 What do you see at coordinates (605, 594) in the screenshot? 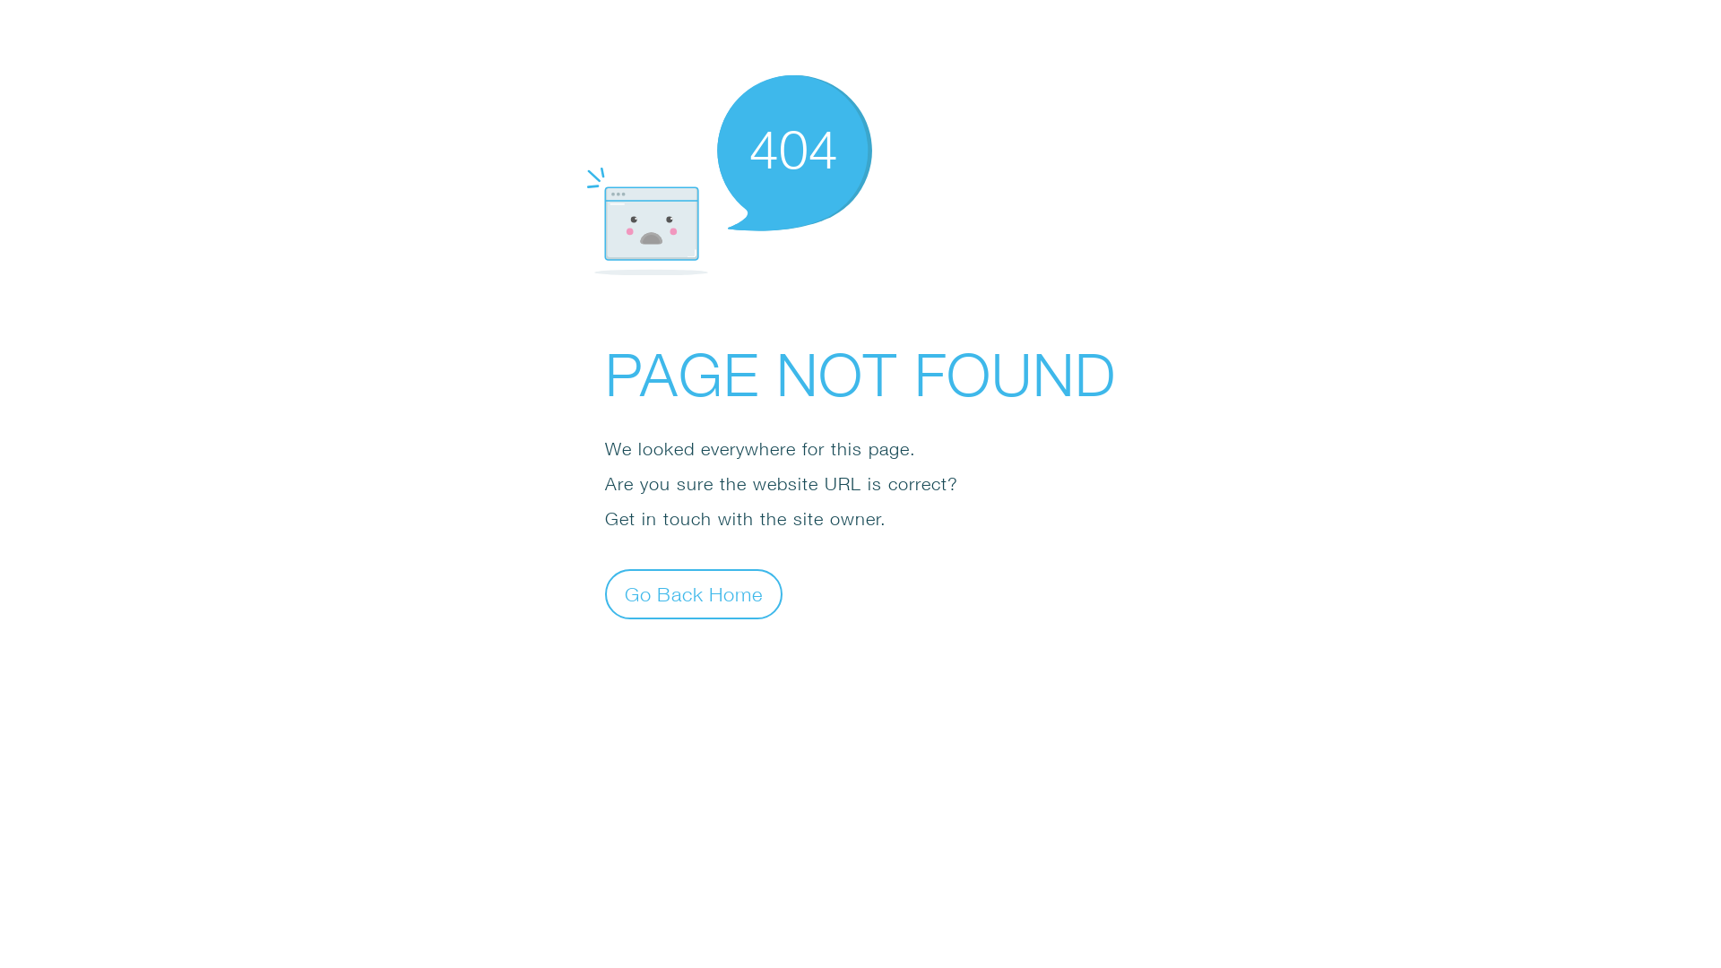
I see `'Go Back Home'` at bounding box center [605, 594].